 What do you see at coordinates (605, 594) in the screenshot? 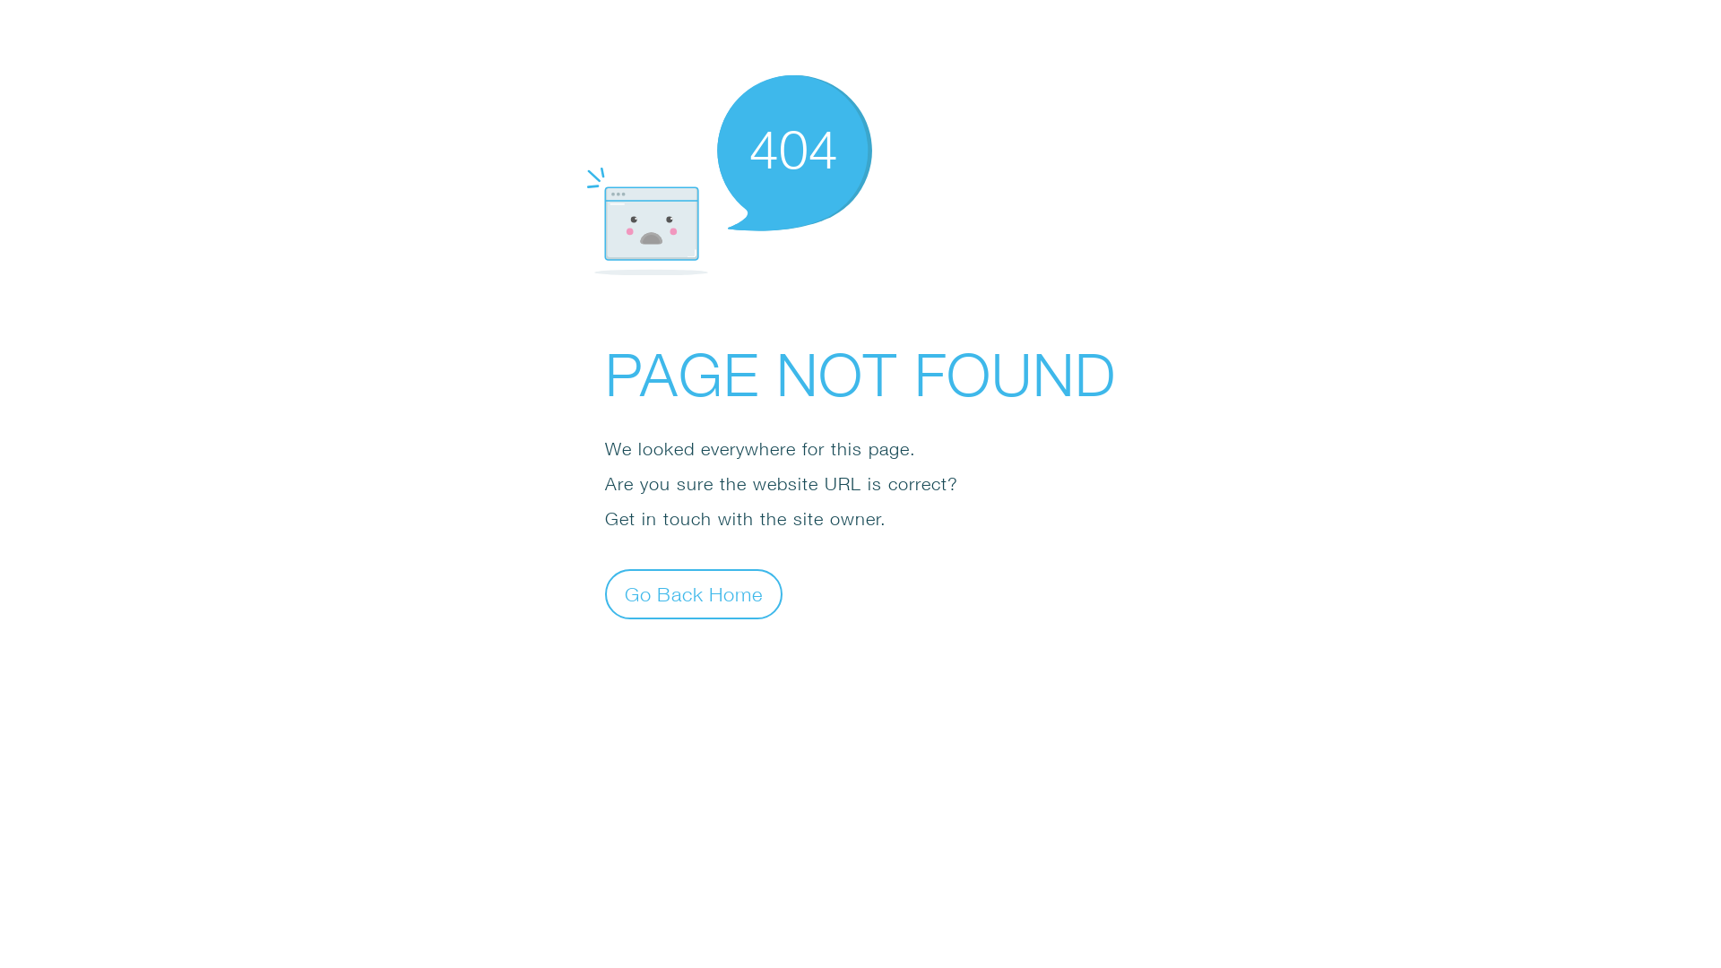
I see `'Go Back Home'` at bounding box center [605, 594].